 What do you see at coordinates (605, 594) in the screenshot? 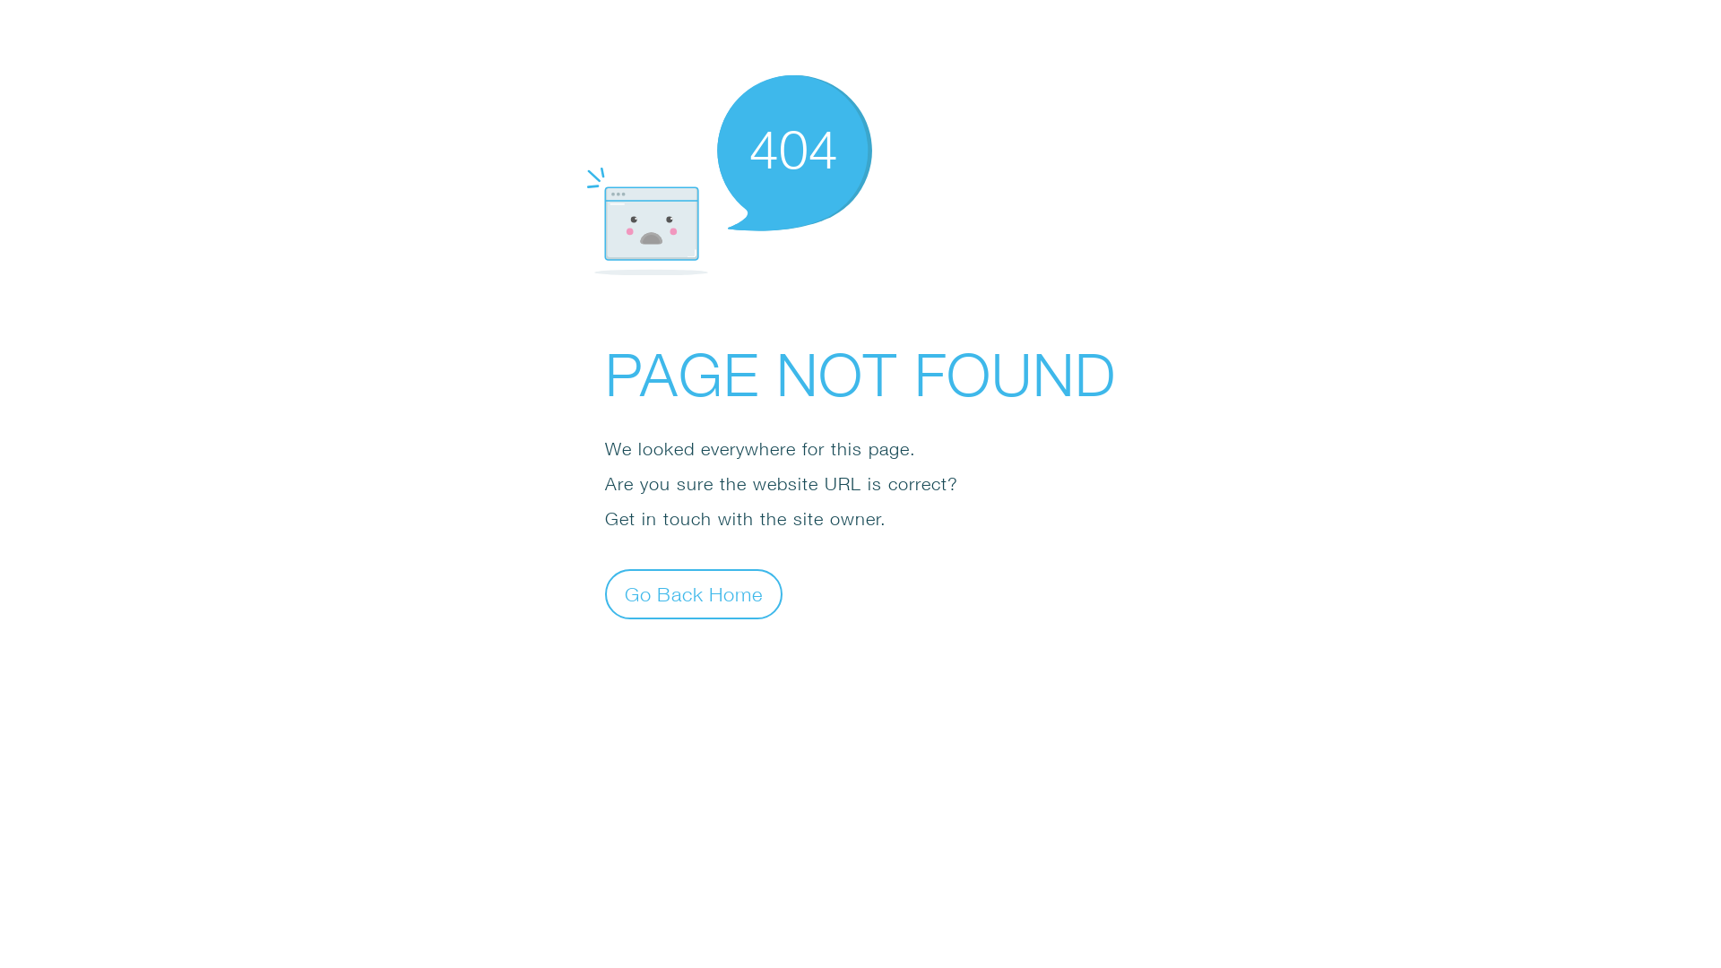
I see `'Go Back Home'` at bounding box center [605, 594].